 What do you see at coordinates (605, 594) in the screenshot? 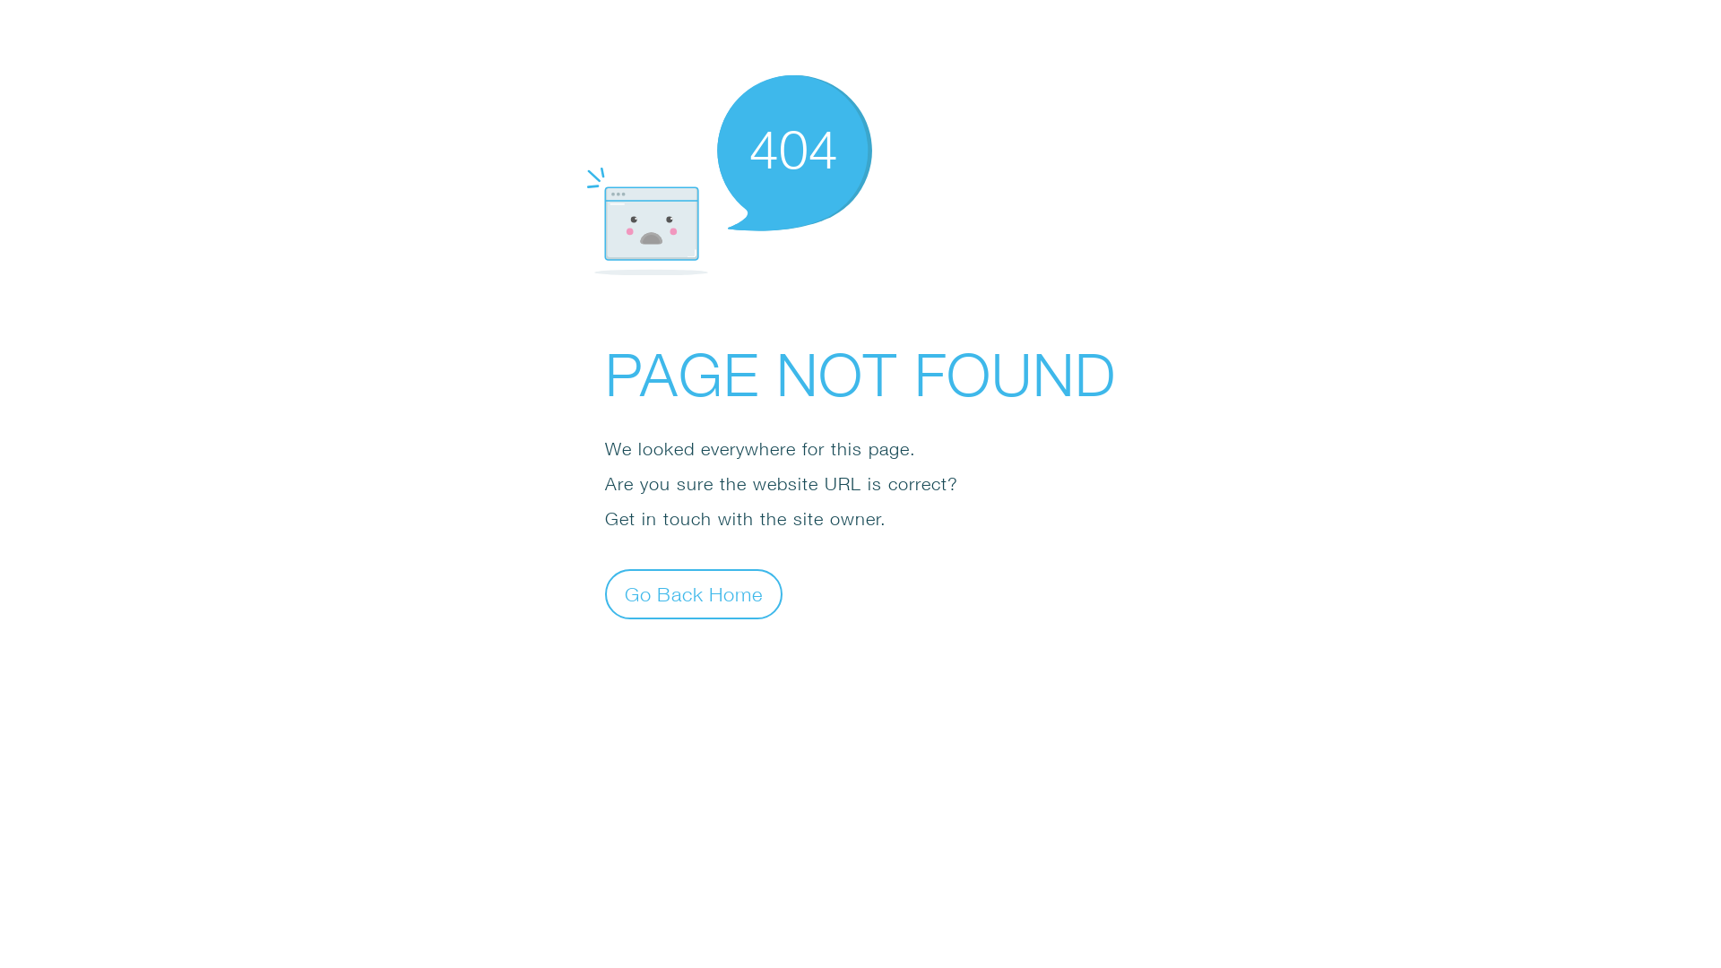
I see `'Go Back Home'` at bounding box center [605, 594].